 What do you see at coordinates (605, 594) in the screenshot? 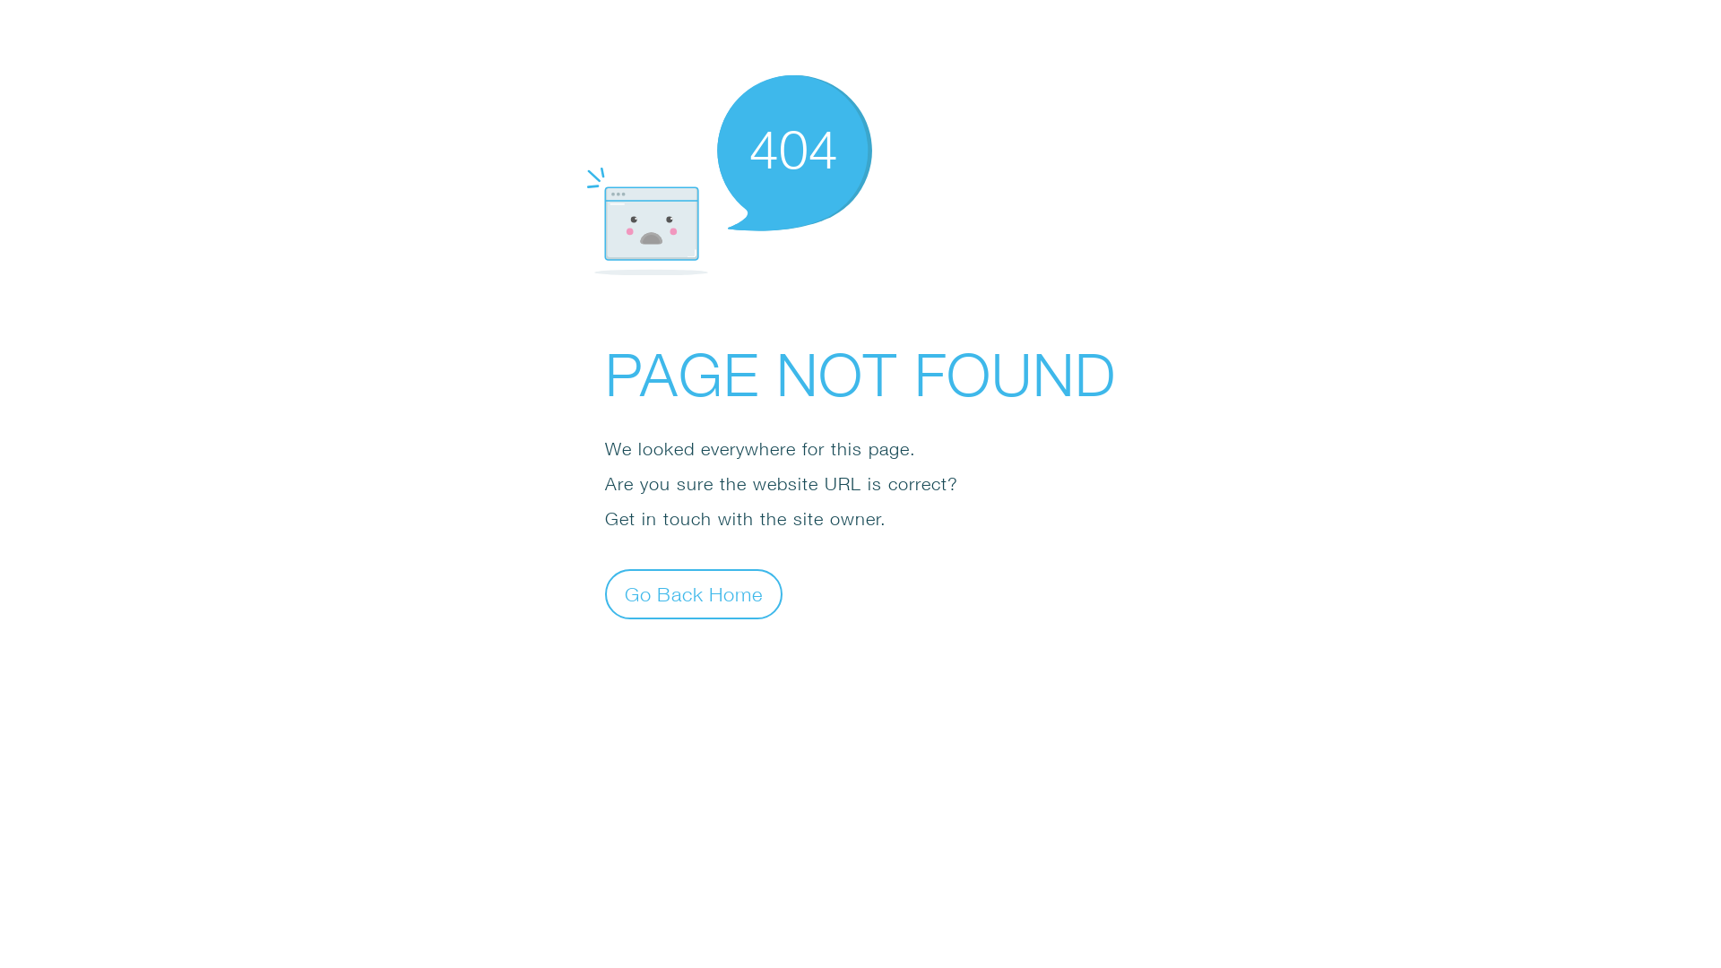
I see `'Go Back Home'` at bounding box center [605, 594].